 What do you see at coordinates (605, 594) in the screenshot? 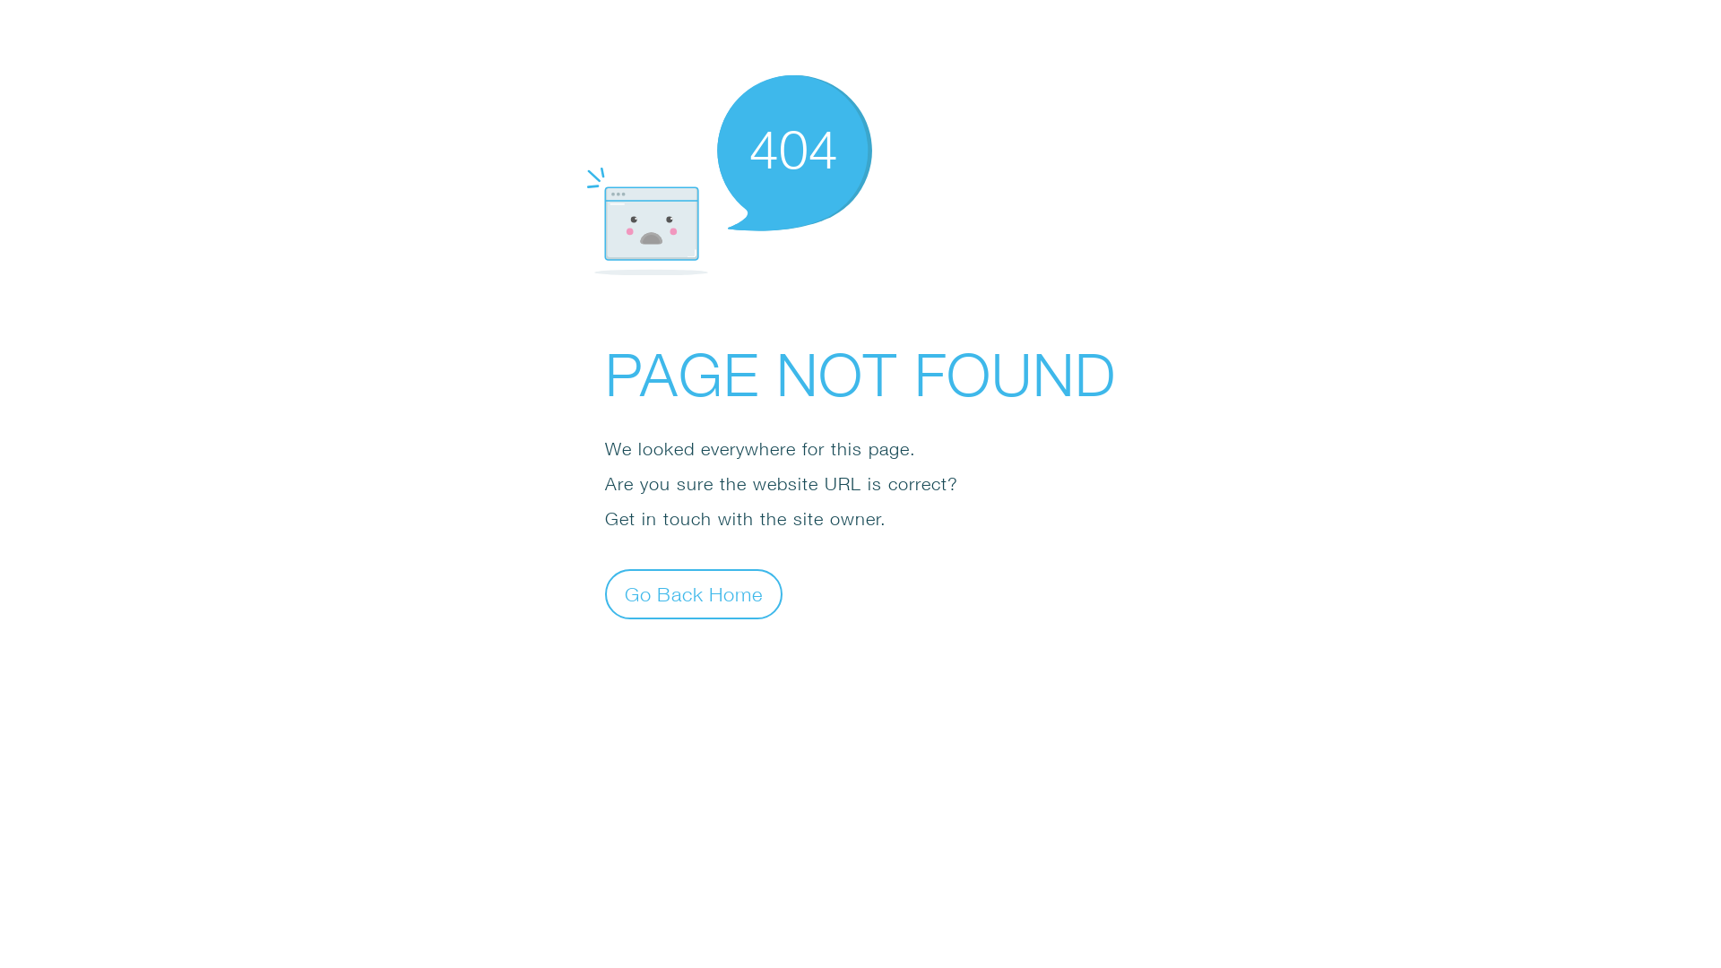
I see `'Go Back Home'` at bounding box center [605, 594].